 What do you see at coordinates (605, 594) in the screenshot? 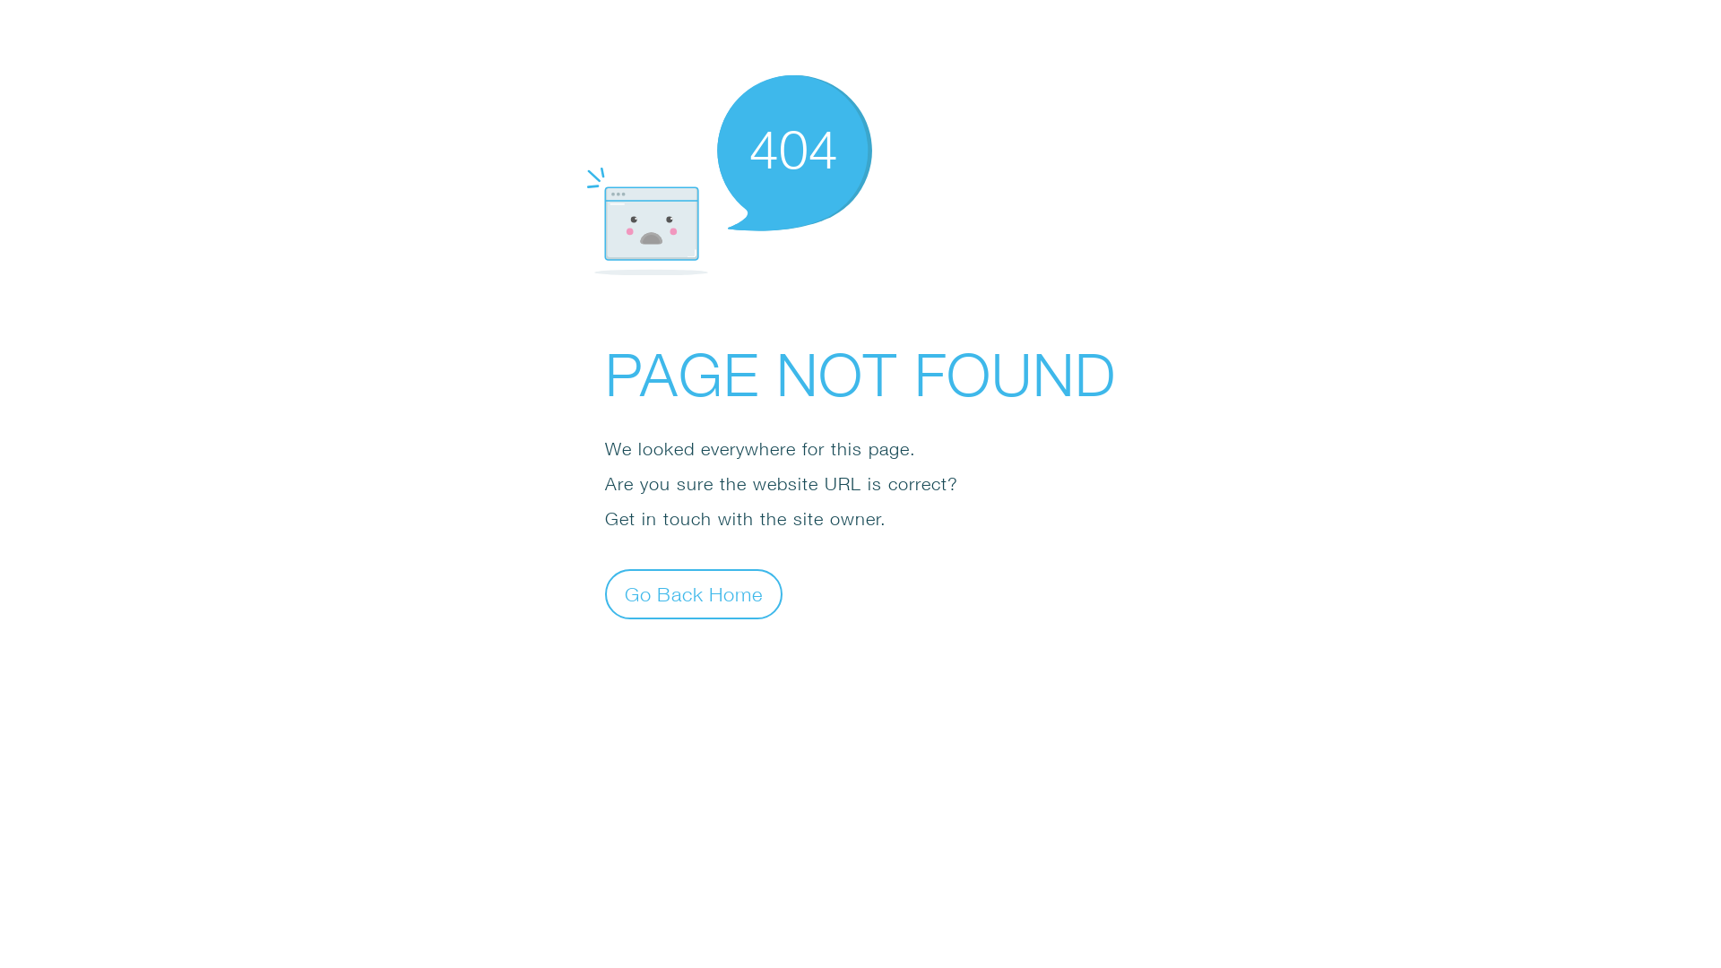
I see `'Go Back Home'` at bounding box center [605, 594].